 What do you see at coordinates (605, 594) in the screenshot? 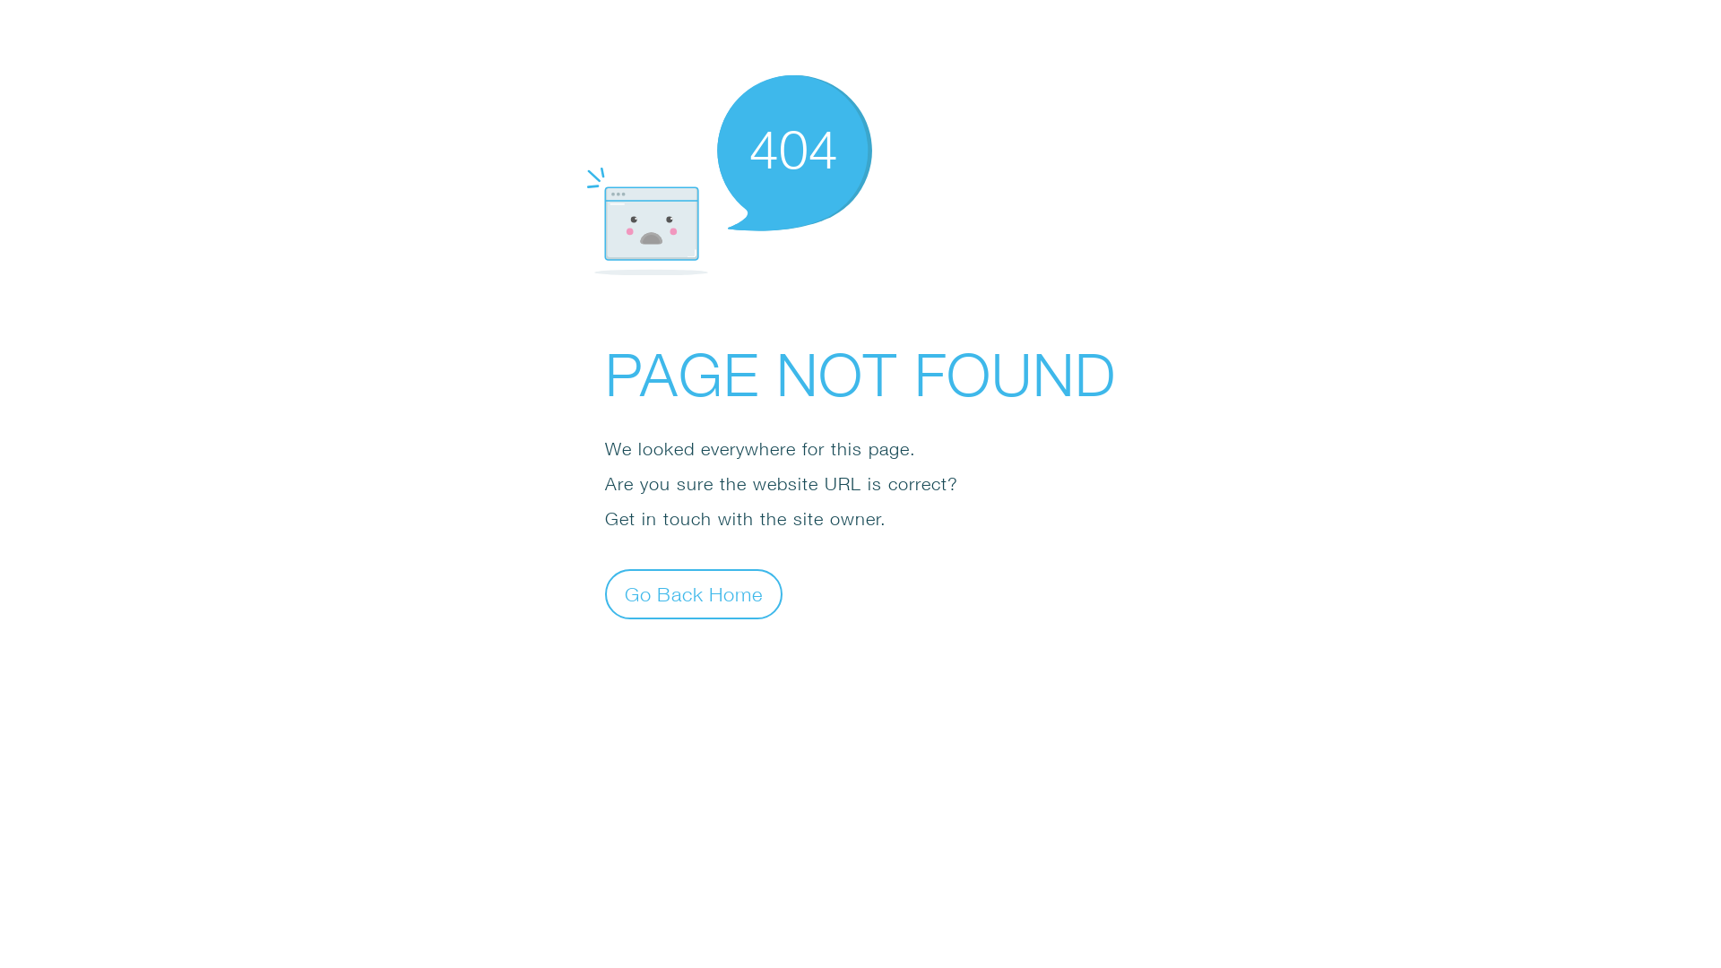
I see `'Go Back Home'` at bounding box center [605, 594].